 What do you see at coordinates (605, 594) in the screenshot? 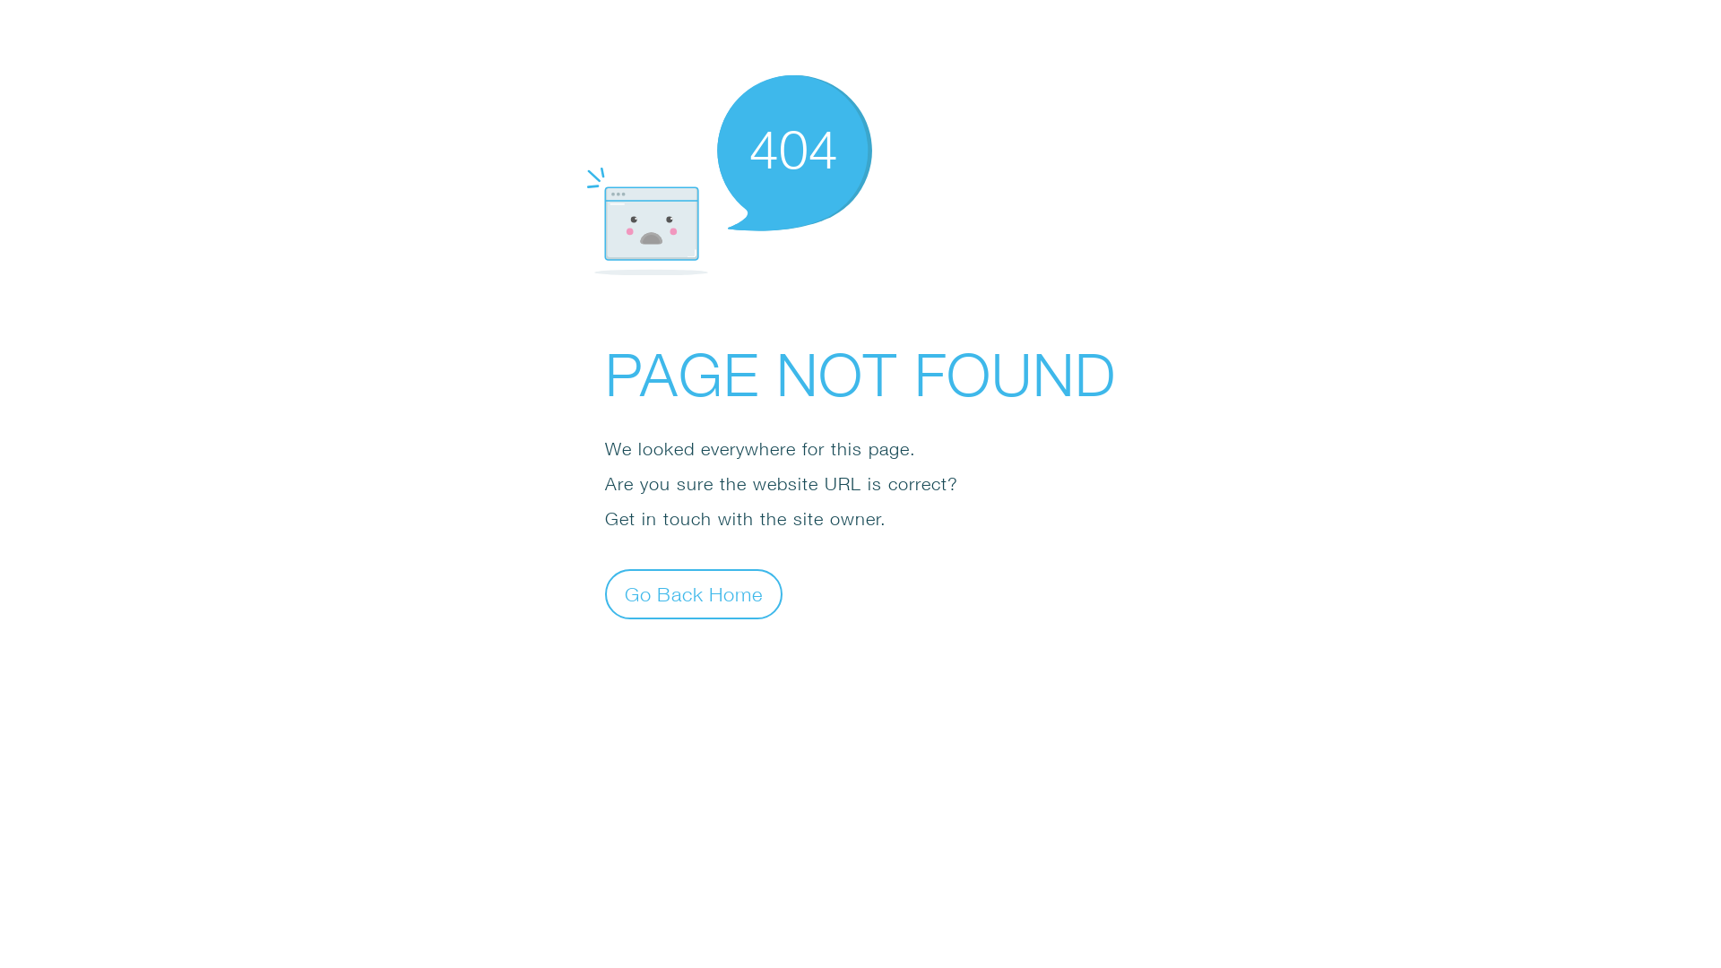
I see `'Go Back Home'` at bounding box center [605, 594].